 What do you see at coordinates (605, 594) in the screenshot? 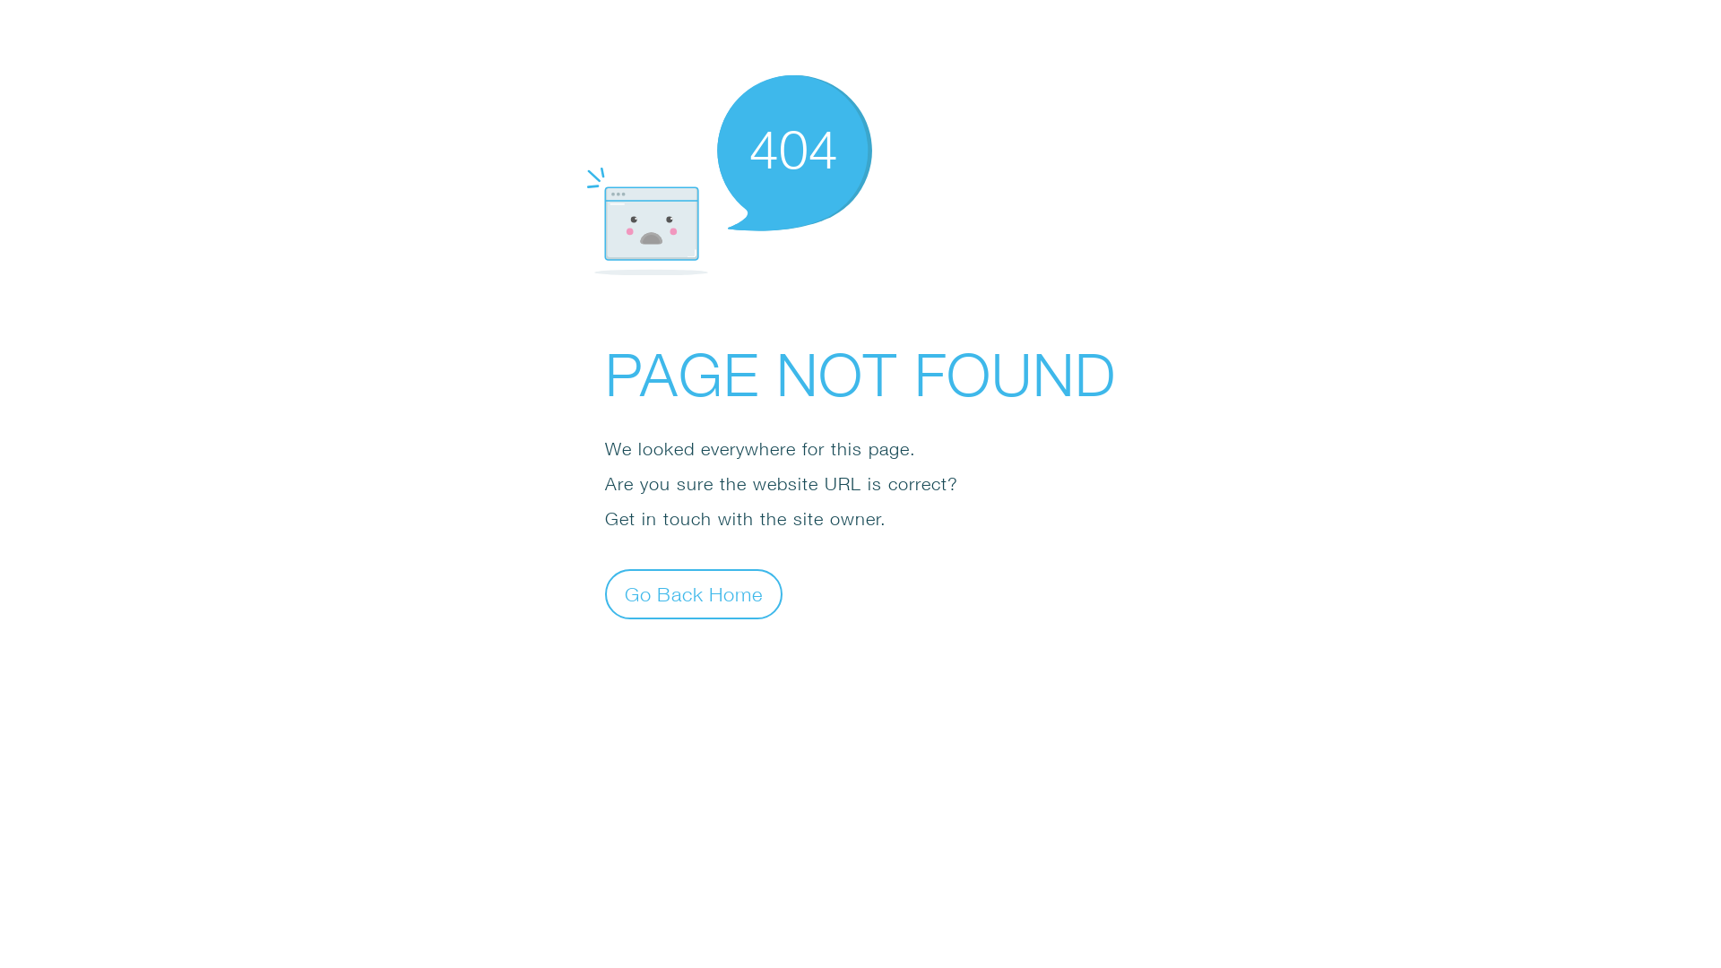
I see `'Go Back Home'` at bounding box center [605, 594].